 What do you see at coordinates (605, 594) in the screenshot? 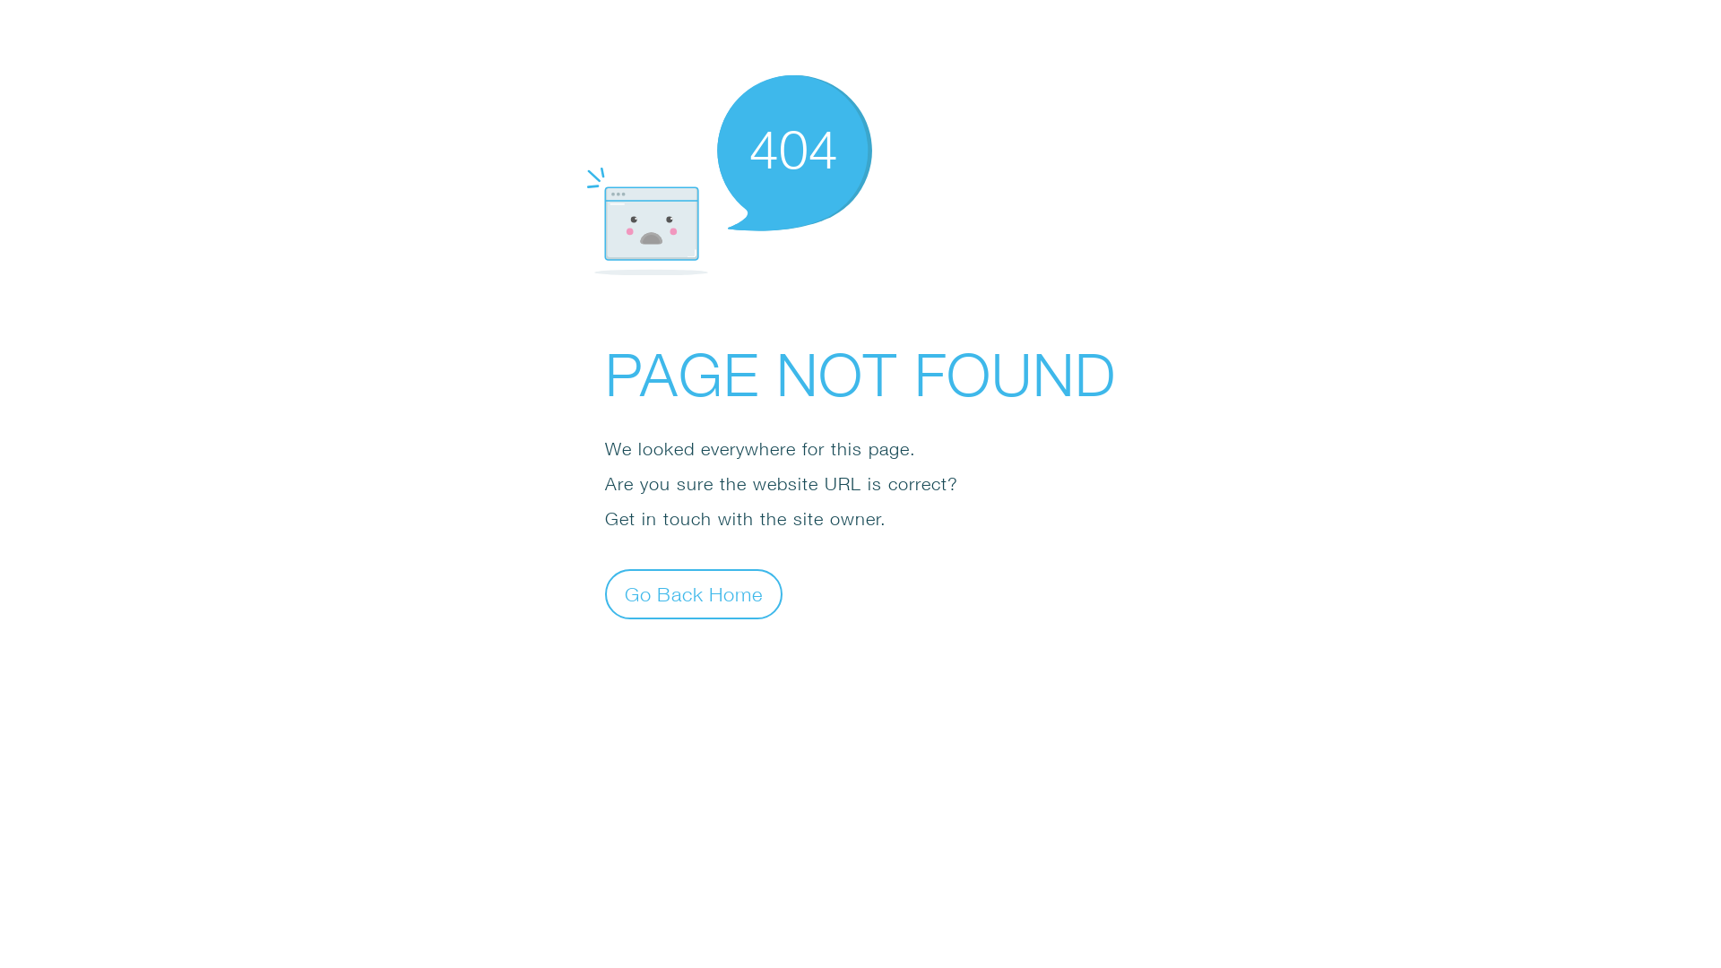
I see `'Go Back Home'` at bounding box center [605, 594].